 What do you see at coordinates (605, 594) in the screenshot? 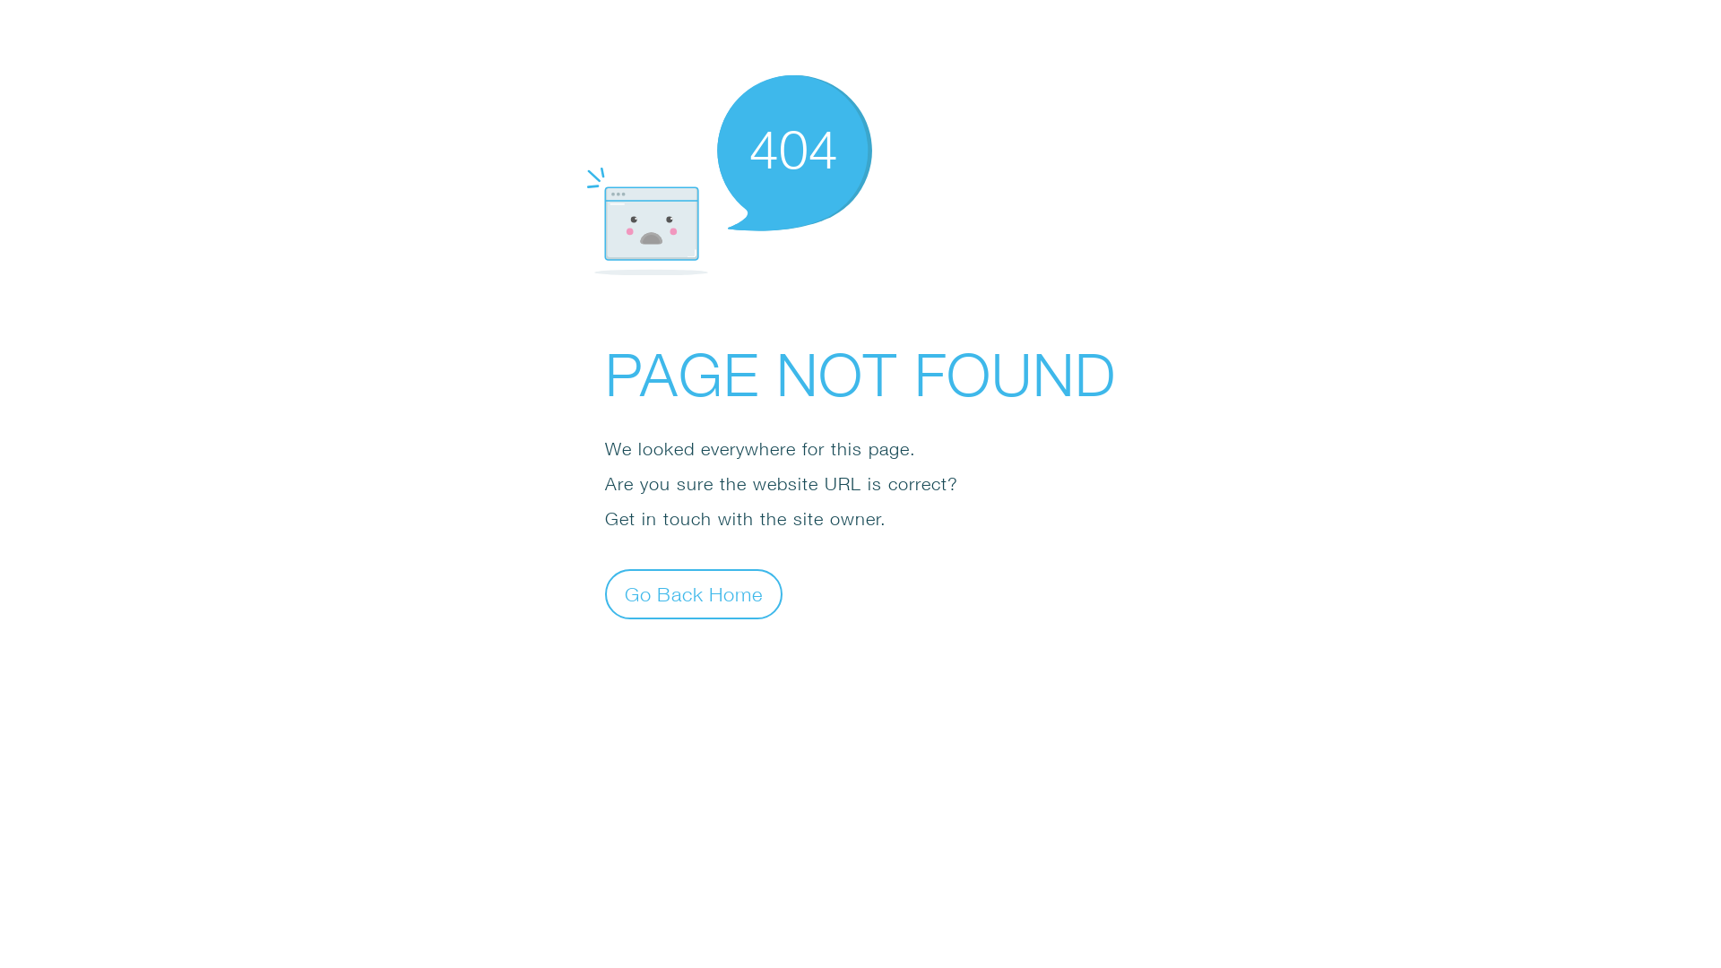
I see `'Go Back Home'` at bounding box center [605, 594].